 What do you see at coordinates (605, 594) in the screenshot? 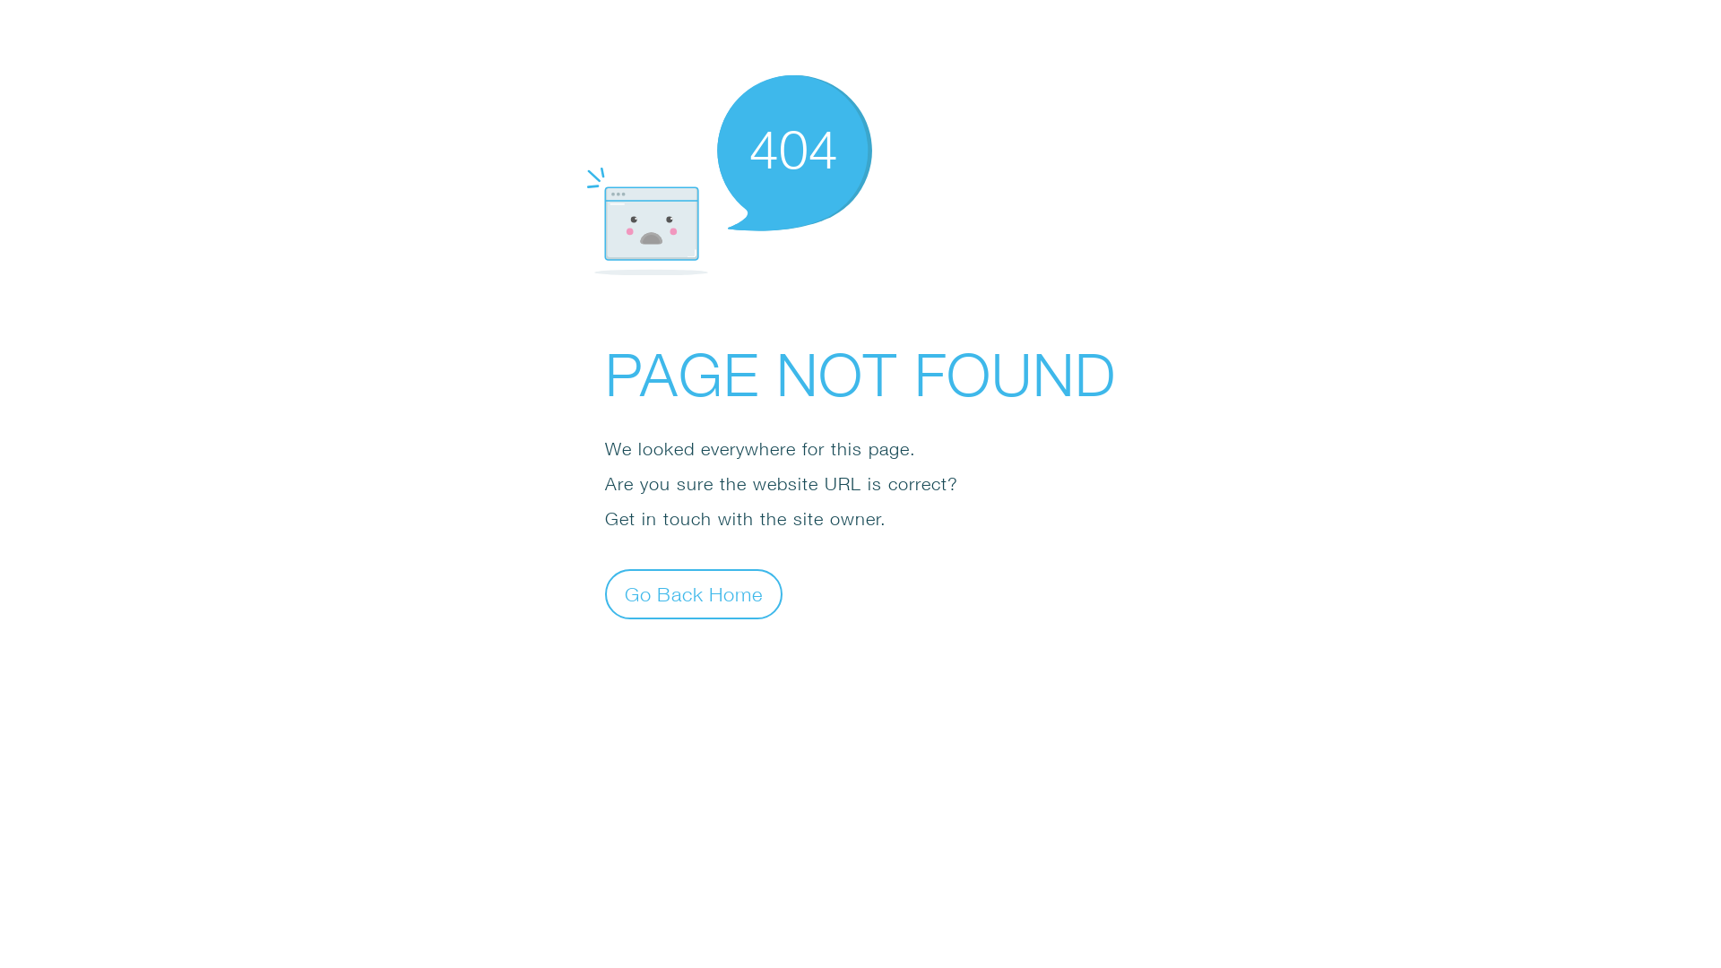
I see `'Go Back Home'` at bounding box center [605, 594].